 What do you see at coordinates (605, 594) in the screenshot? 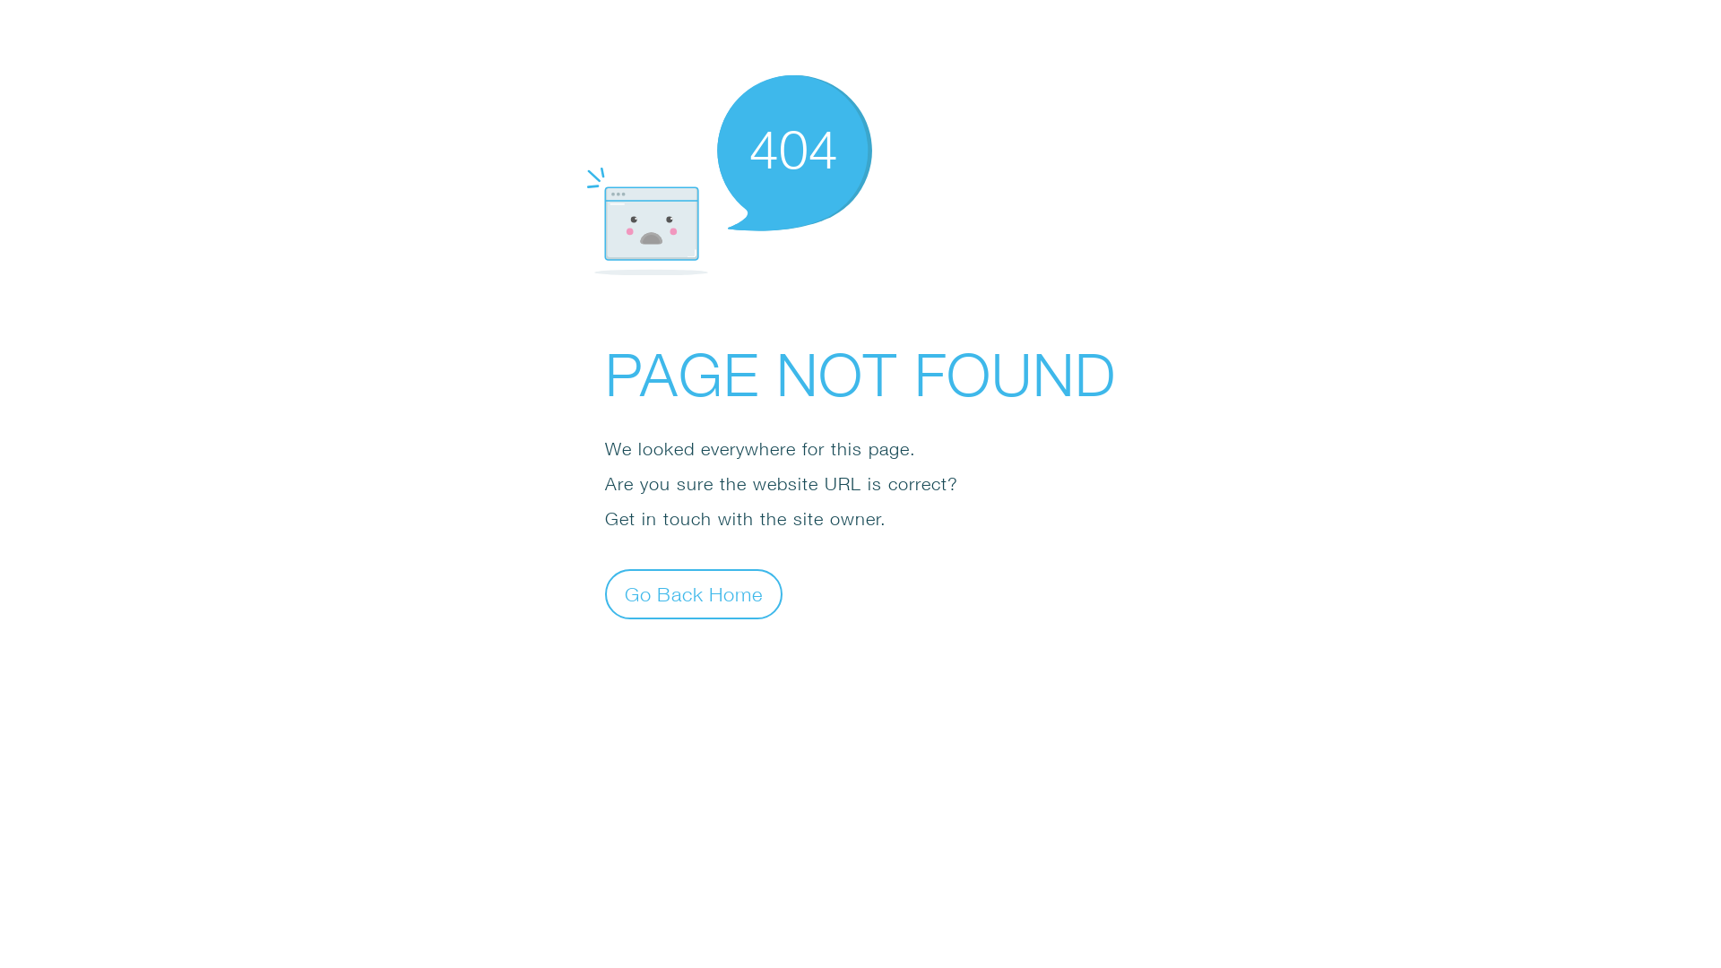
I see `'Go Back Home'` at bounding box center [605, 594].